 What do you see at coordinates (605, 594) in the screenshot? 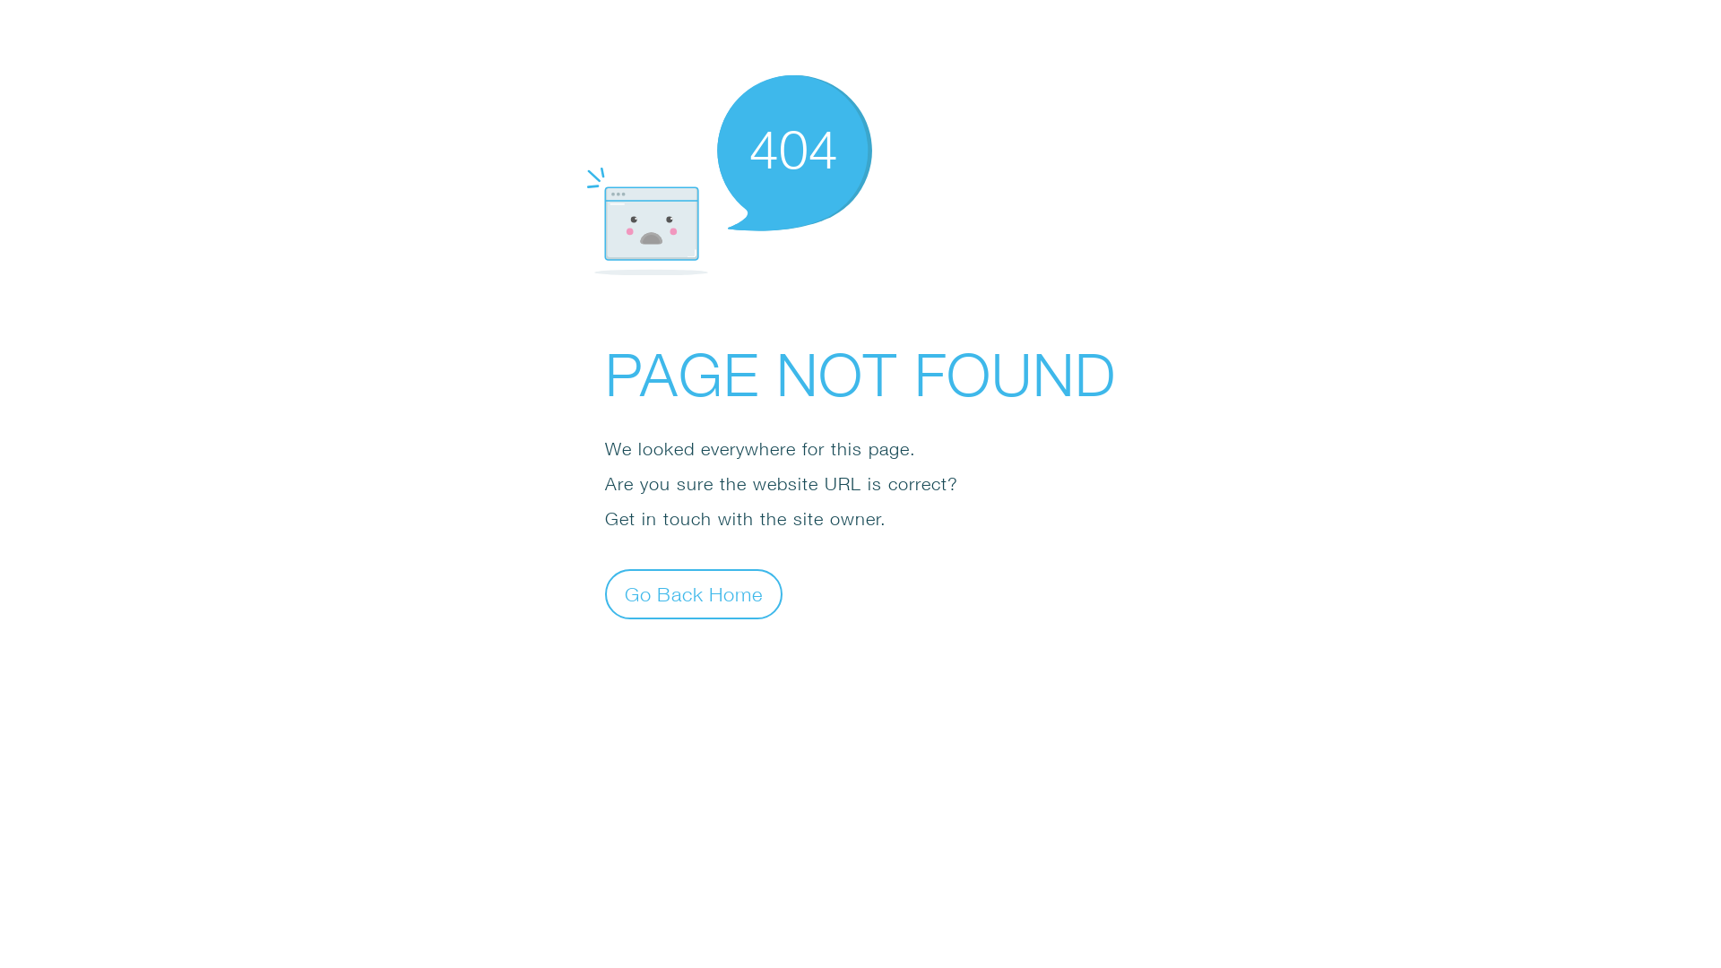
I see `'Go Back Home'` at bounding box center [605, 594].